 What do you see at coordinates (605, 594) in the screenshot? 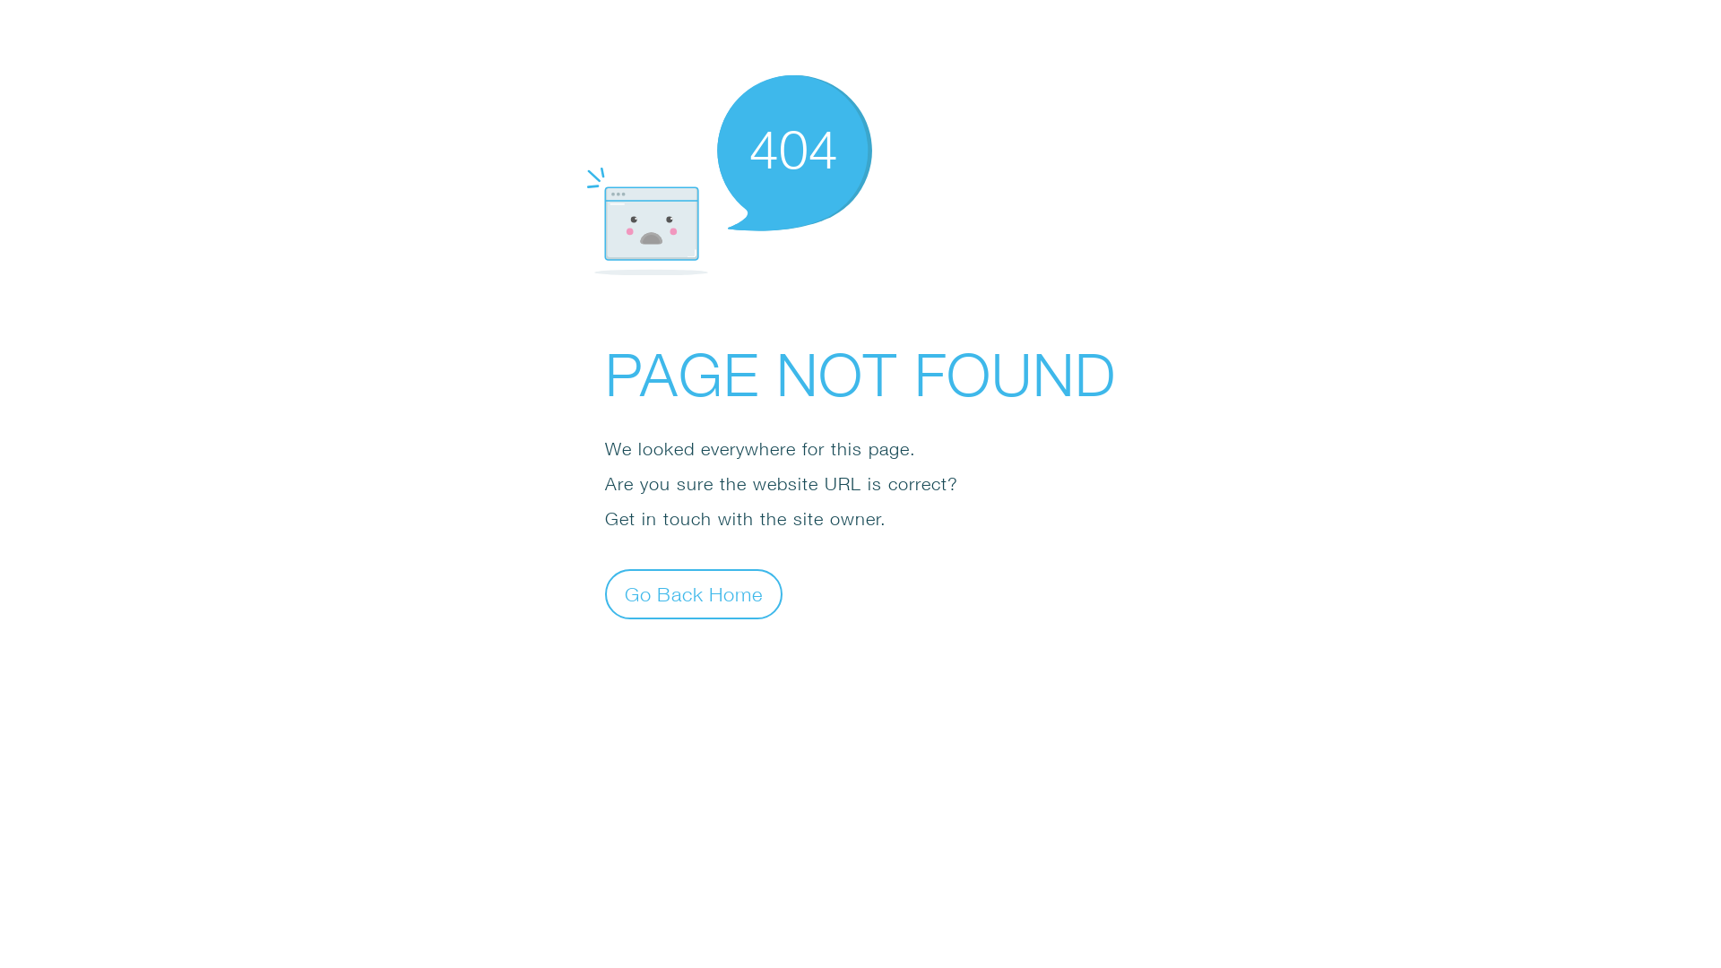
I see `'Go Back Home'` at bounding box center [605, 594].